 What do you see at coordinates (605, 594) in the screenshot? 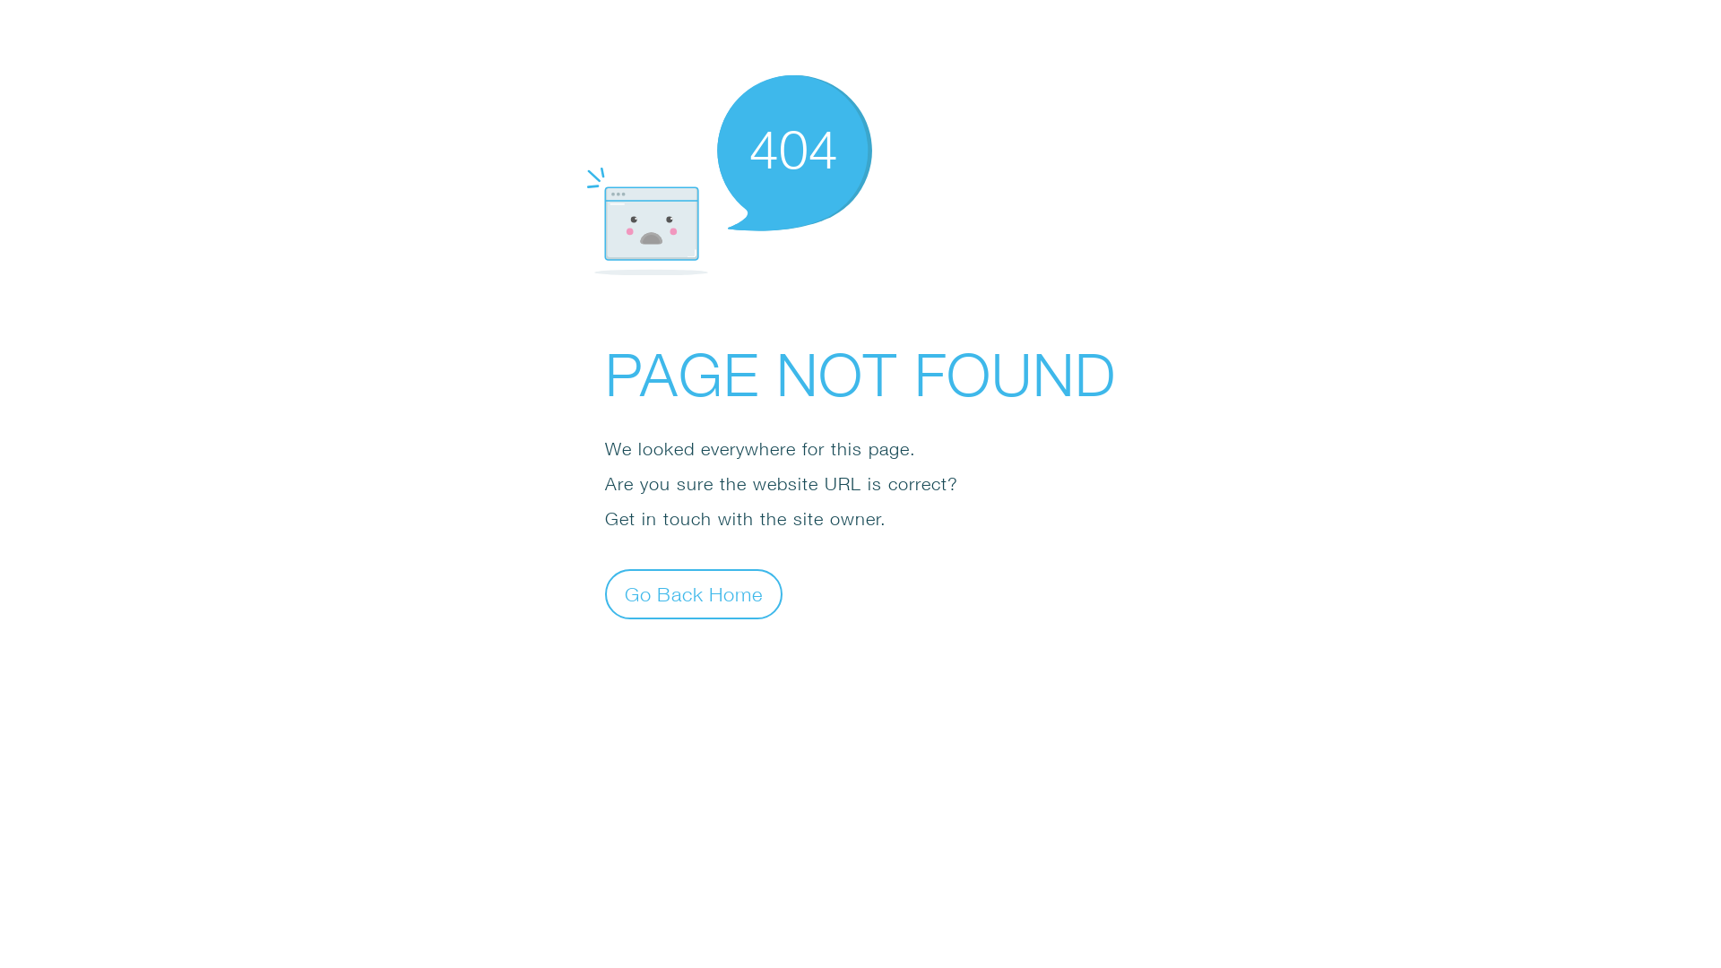
I see `'Go Back Home'` at bounding box center [605, 594].